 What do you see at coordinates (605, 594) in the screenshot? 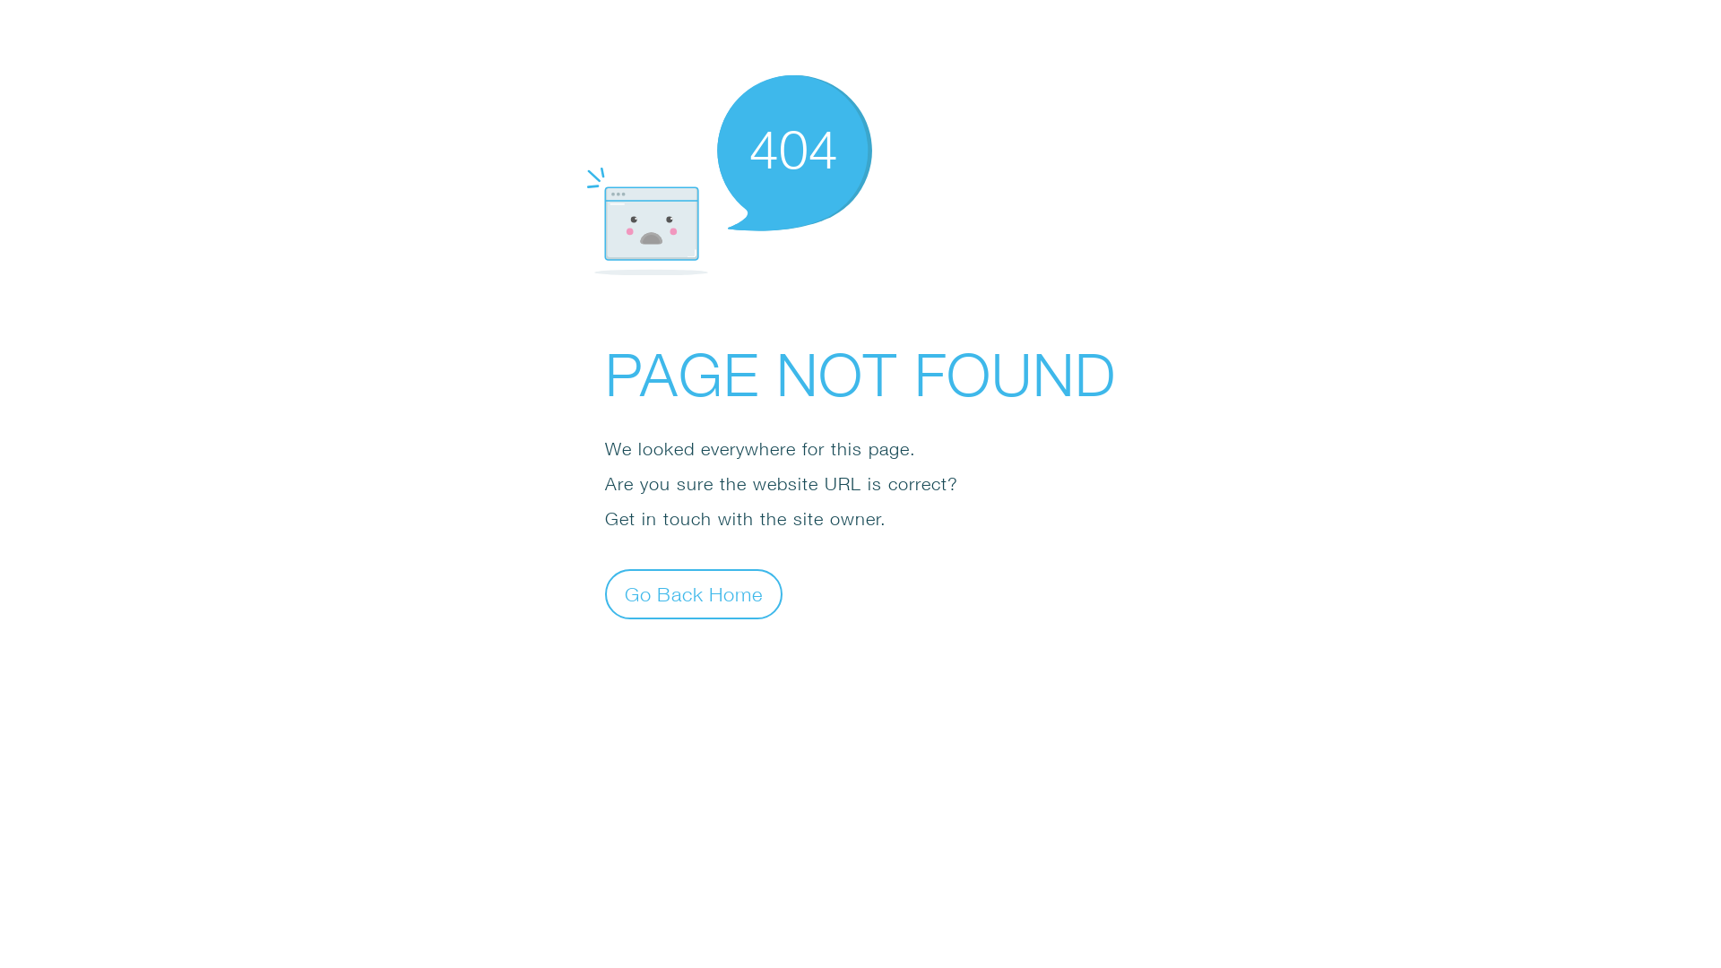
I see `'Go Back Home'` at bounding box center [605, 594].